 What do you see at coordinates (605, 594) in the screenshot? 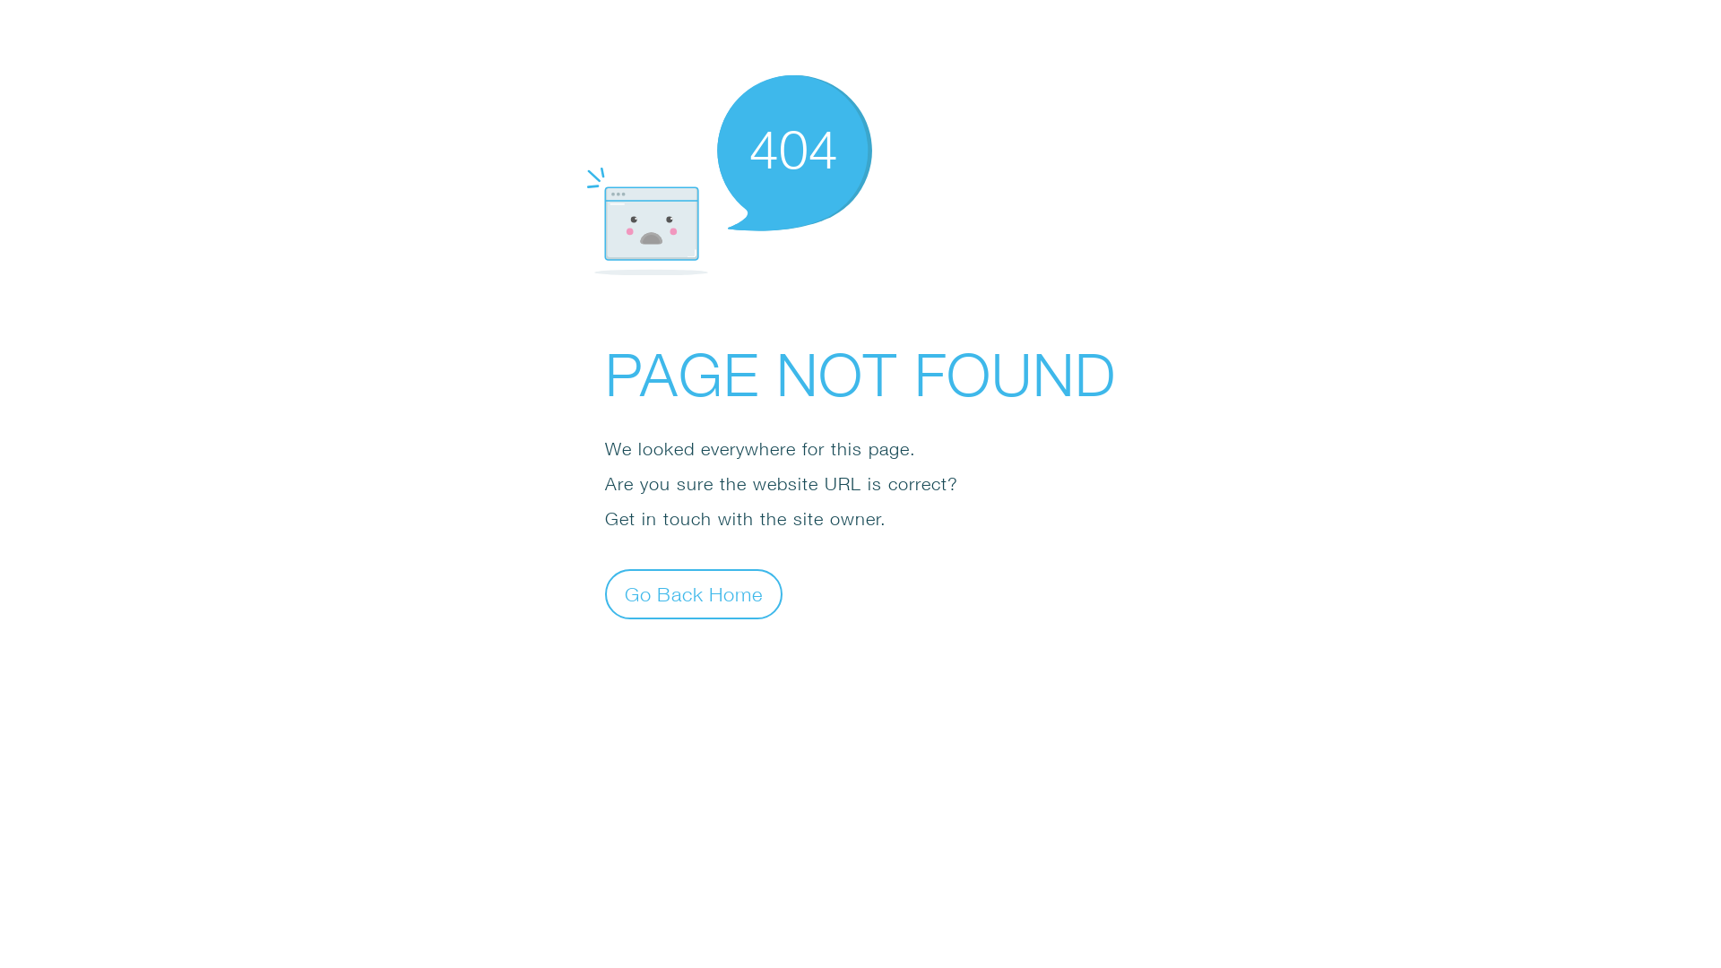
I see `'Go Back Home'` at bounding box center [605, 594].